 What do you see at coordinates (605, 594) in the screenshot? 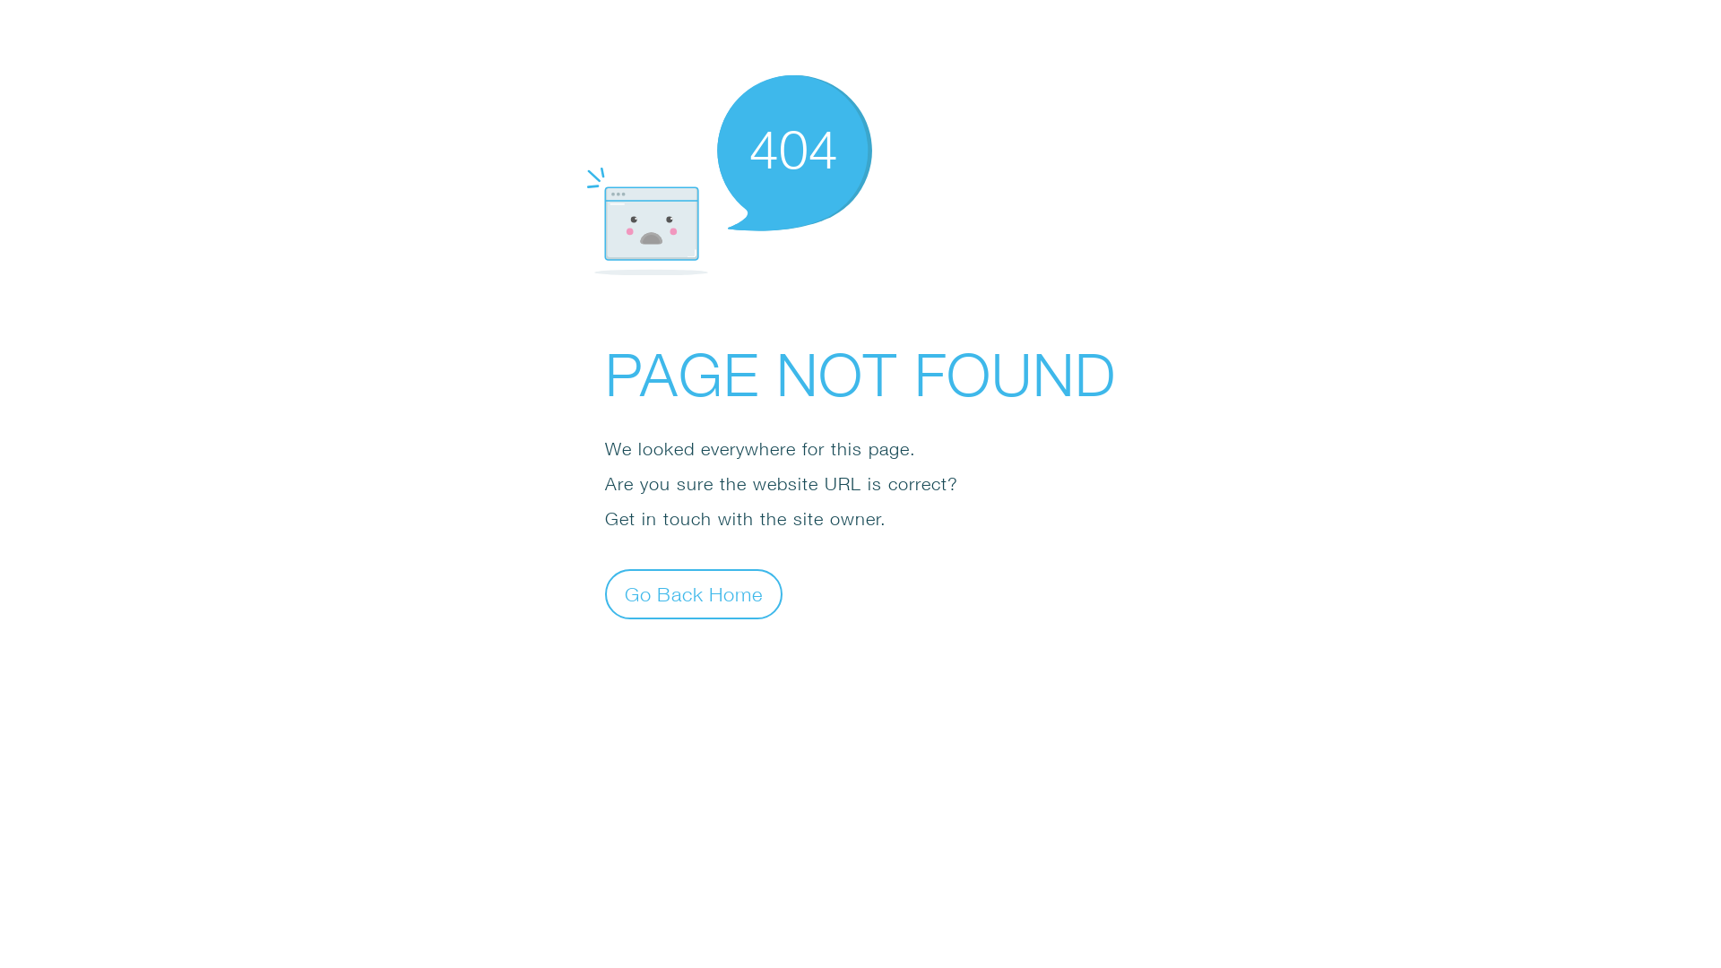
I see `'Go Back Home'` at bounding box center [605, 594].